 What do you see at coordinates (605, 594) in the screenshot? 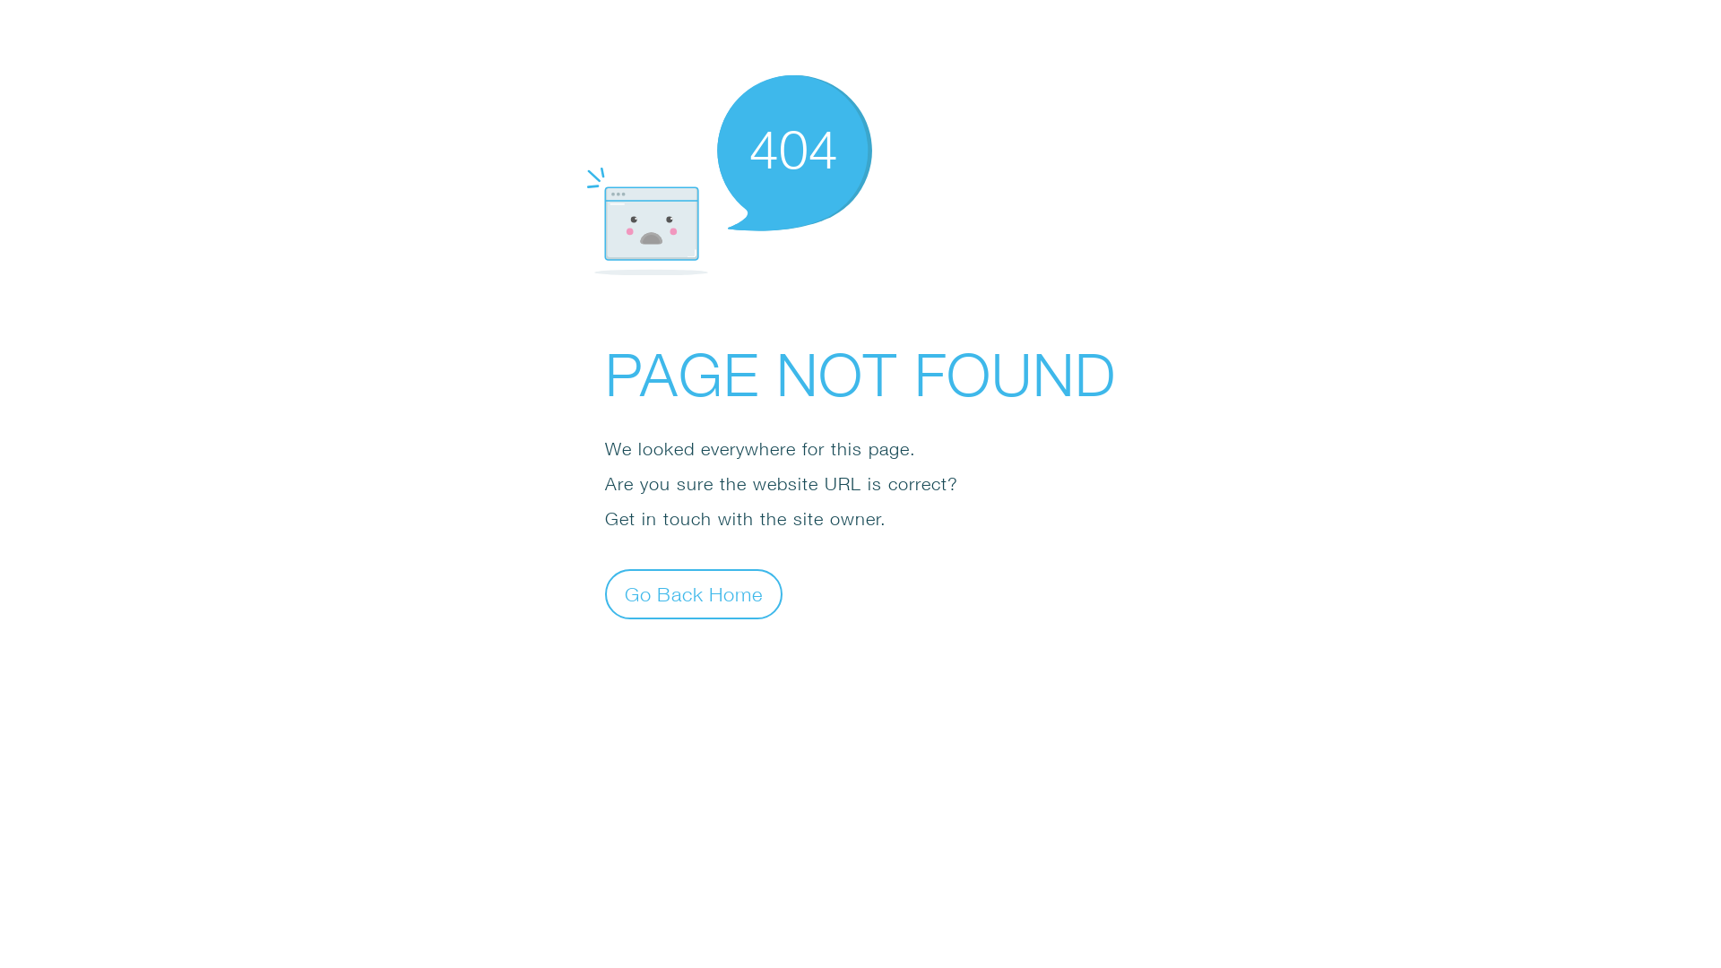
I see `'Go Back Home'` at bounding box center [605, 594].